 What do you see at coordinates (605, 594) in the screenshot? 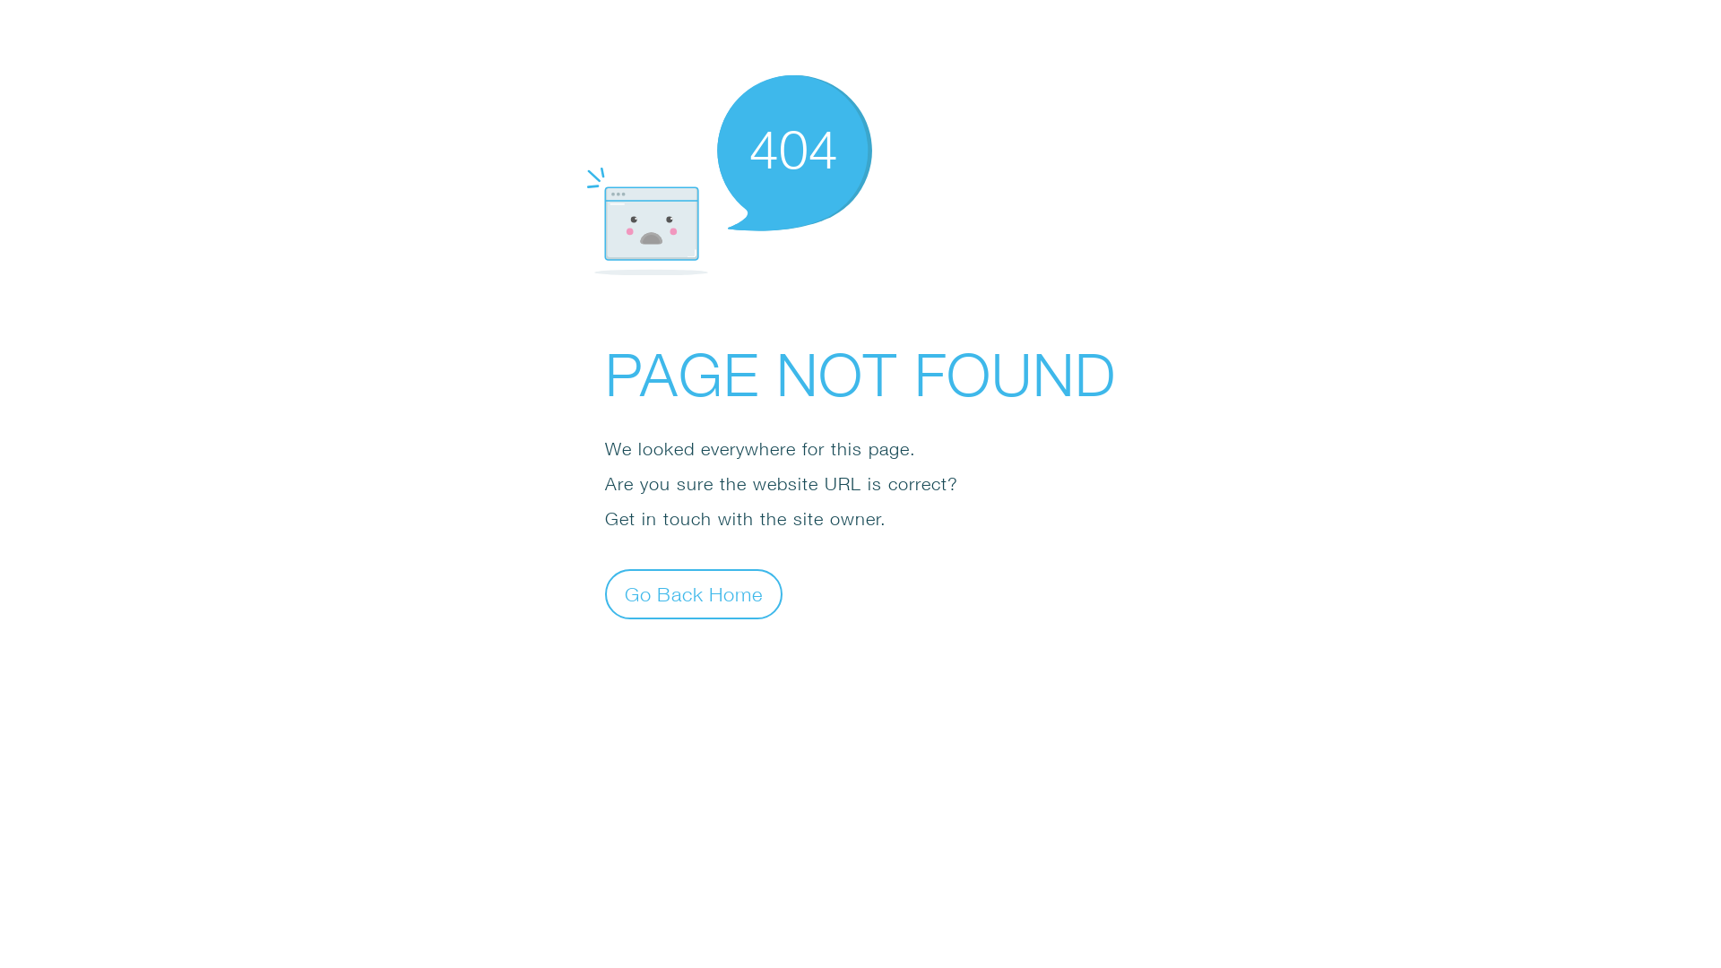
I see `'Go Back Home'` at bounding box center [605, 594].